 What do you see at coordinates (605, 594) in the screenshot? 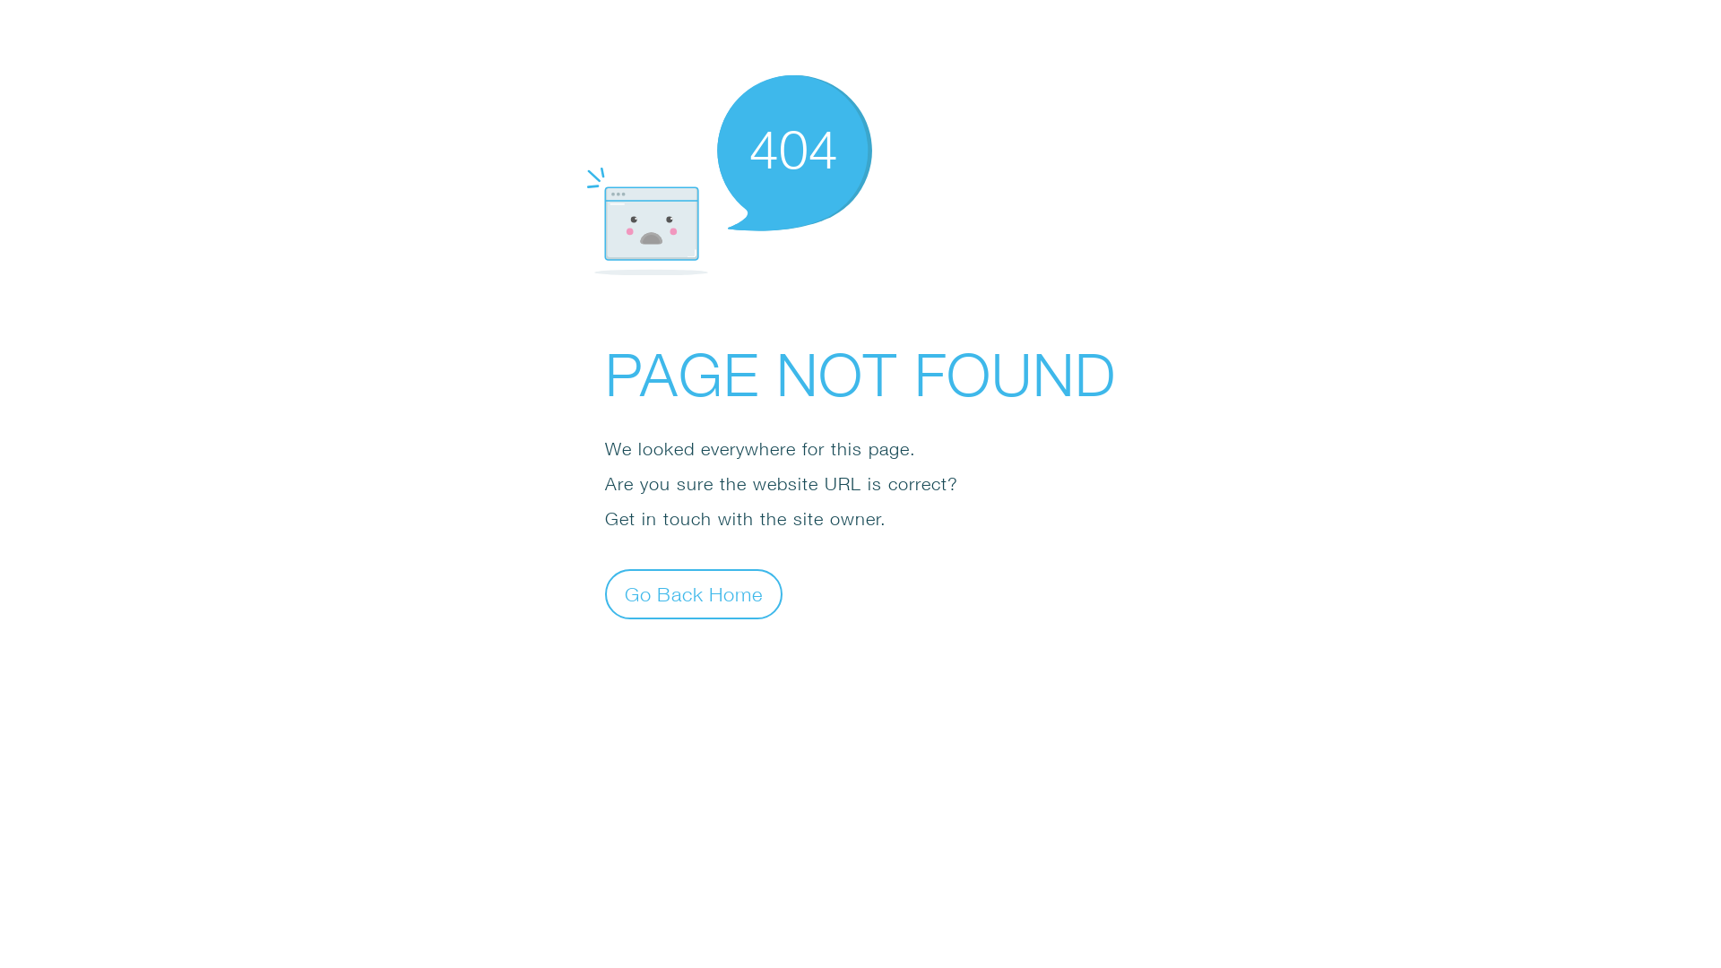
I see `'Go Back Home'` at bounding box center [605, 594].